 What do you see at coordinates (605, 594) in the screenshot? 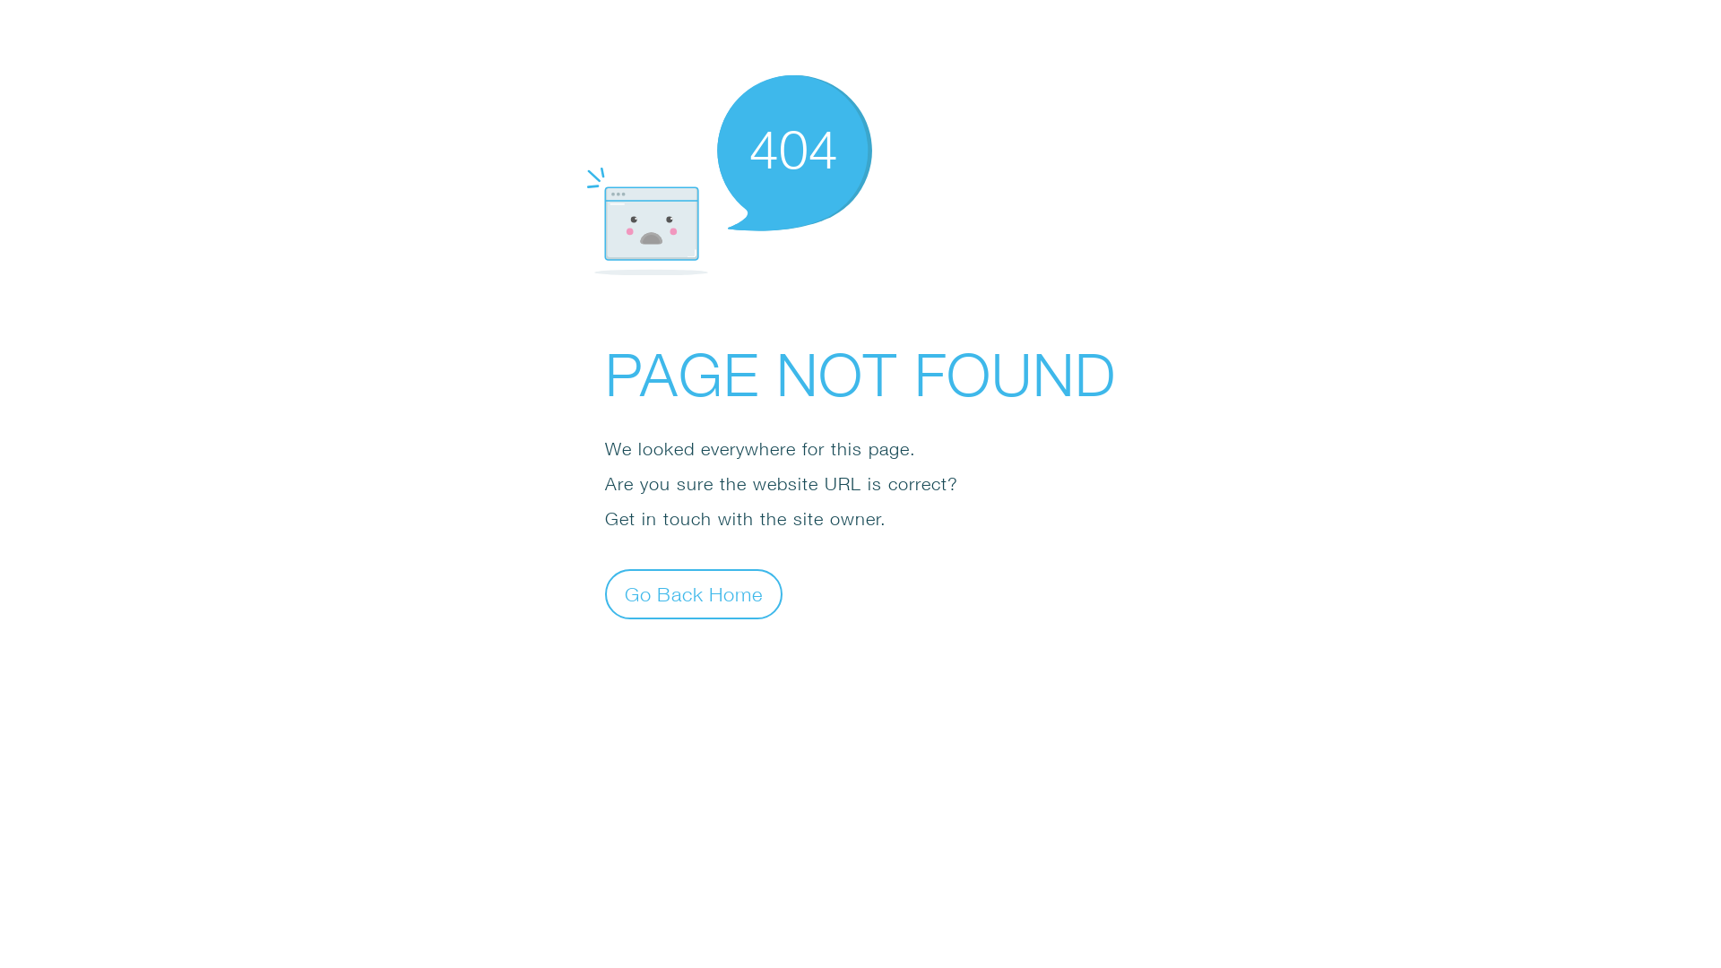
I see `'Go Back Home'` at bounding box center [605, 594].